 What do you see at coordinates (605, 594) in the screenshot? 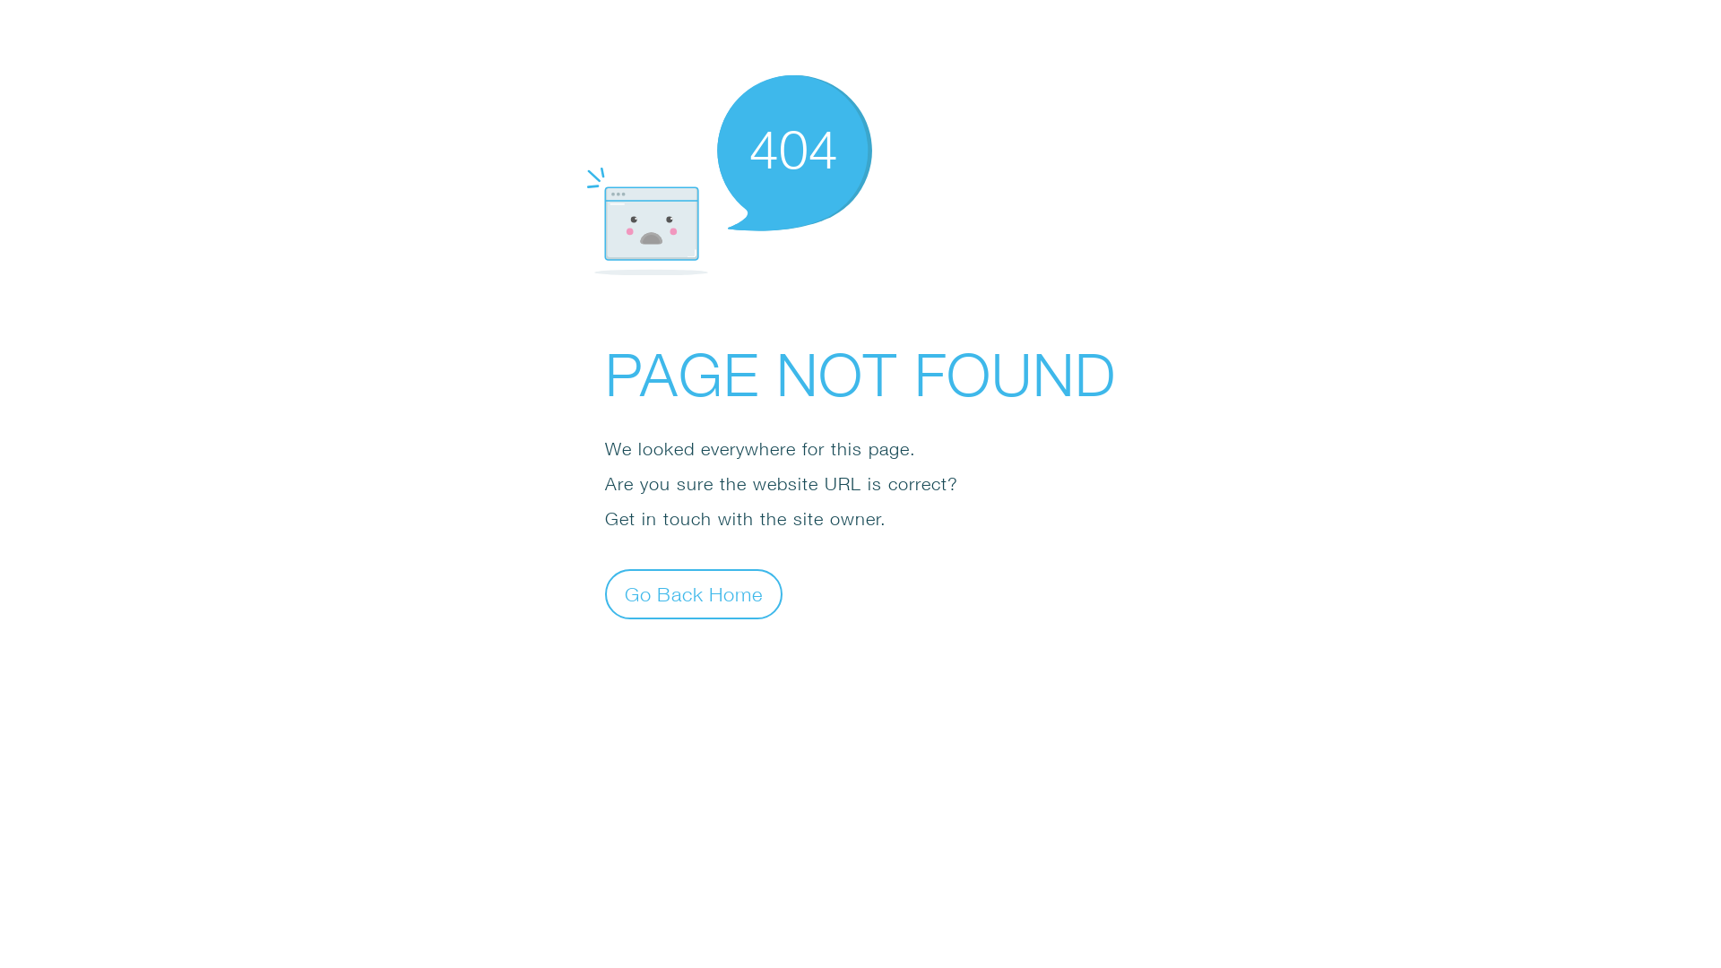
I see `'Go Back Home'` at bounding box center [605, 594].